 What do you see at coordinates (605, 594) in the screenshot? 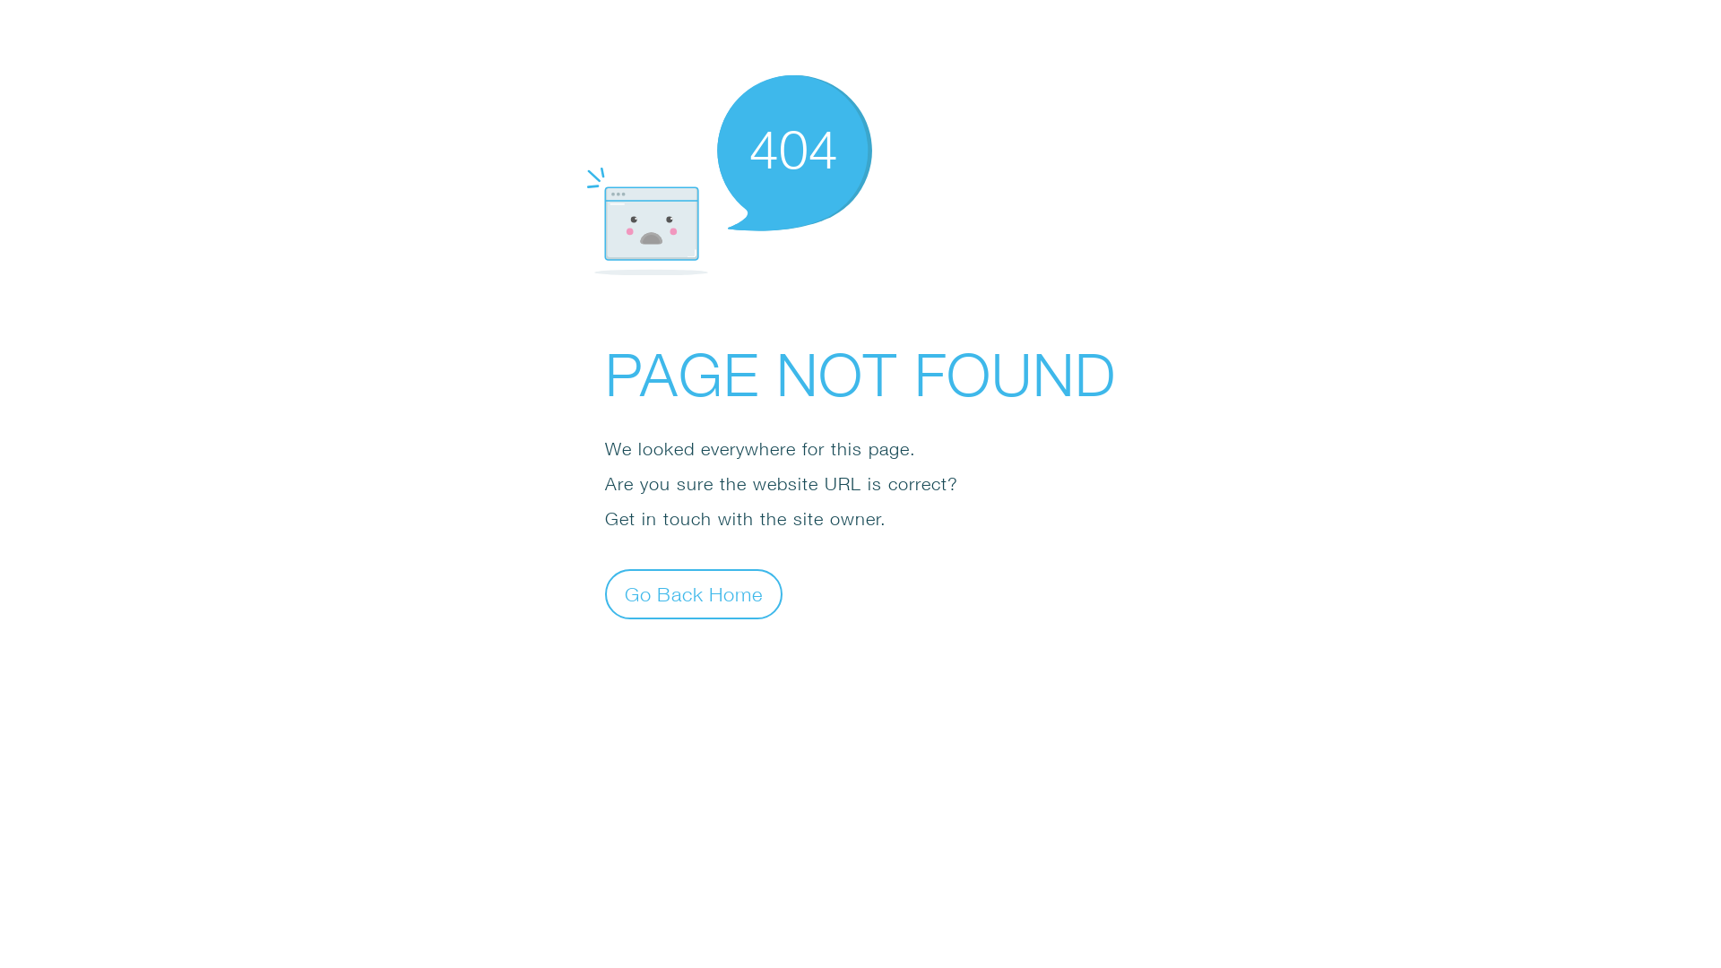
I see `'Go Back Home'` at bounding box center [605, 594].